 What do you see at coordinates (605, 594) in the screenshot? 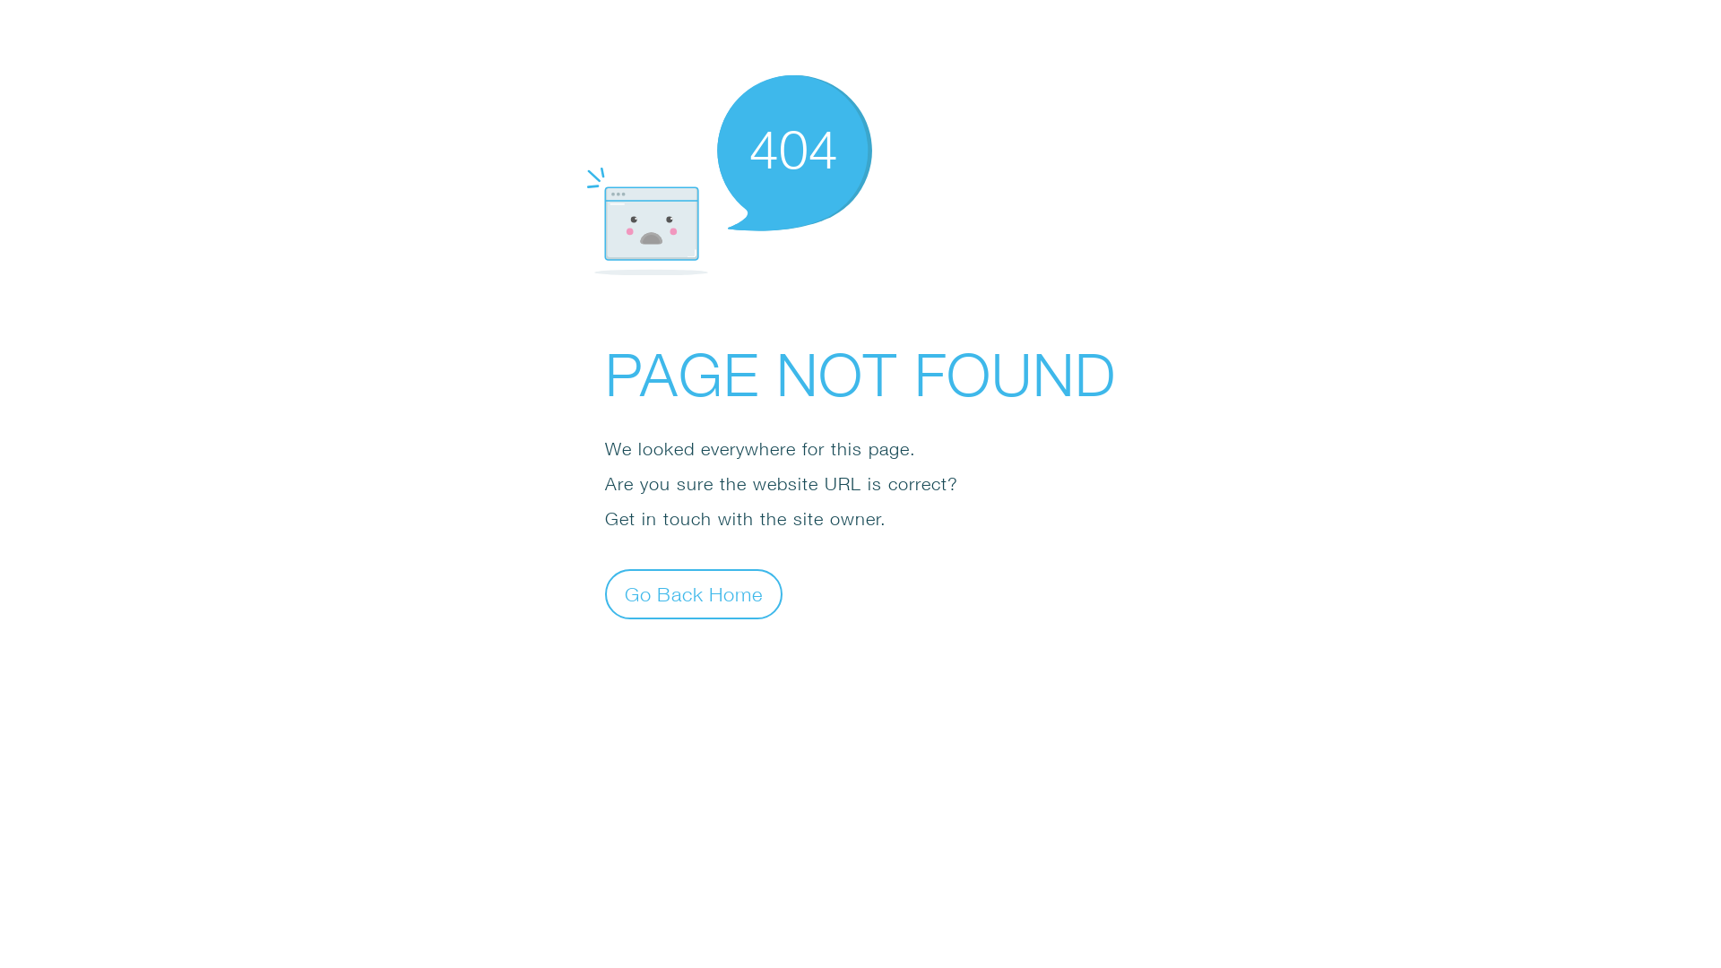
I see `'Go Back Home'` at bounding box center [605, 594].